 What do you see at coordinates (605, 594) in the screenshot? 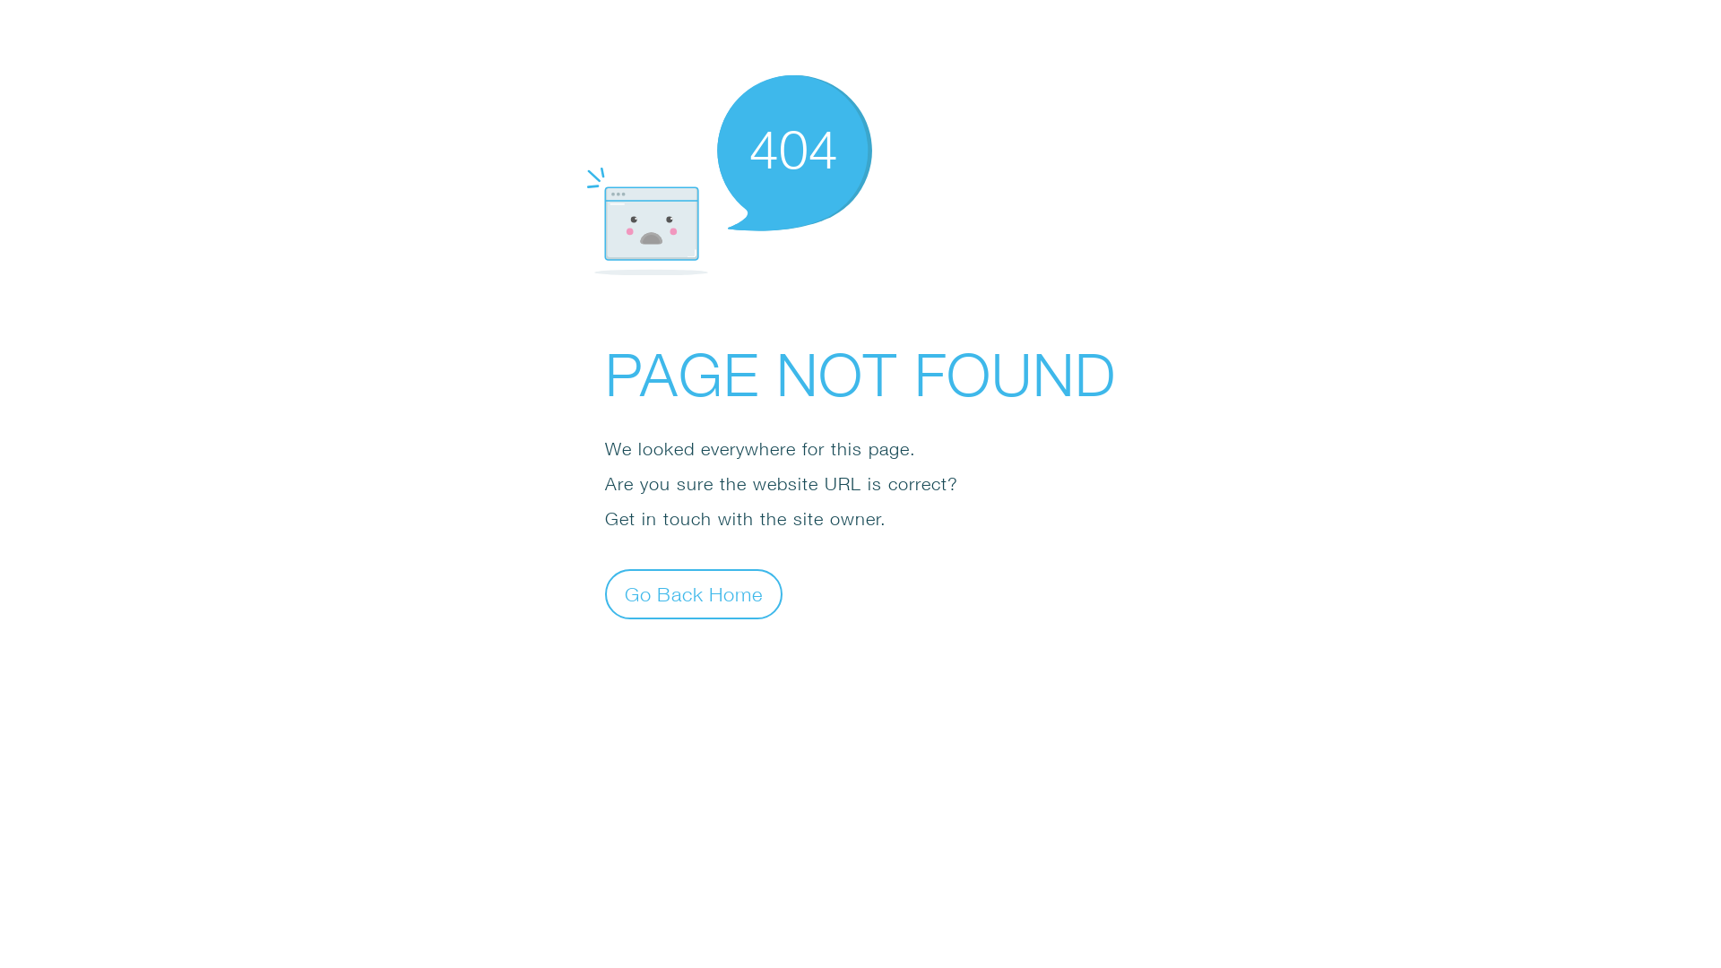
I see `'Go Back Home'` at bounding box center [605, 594].